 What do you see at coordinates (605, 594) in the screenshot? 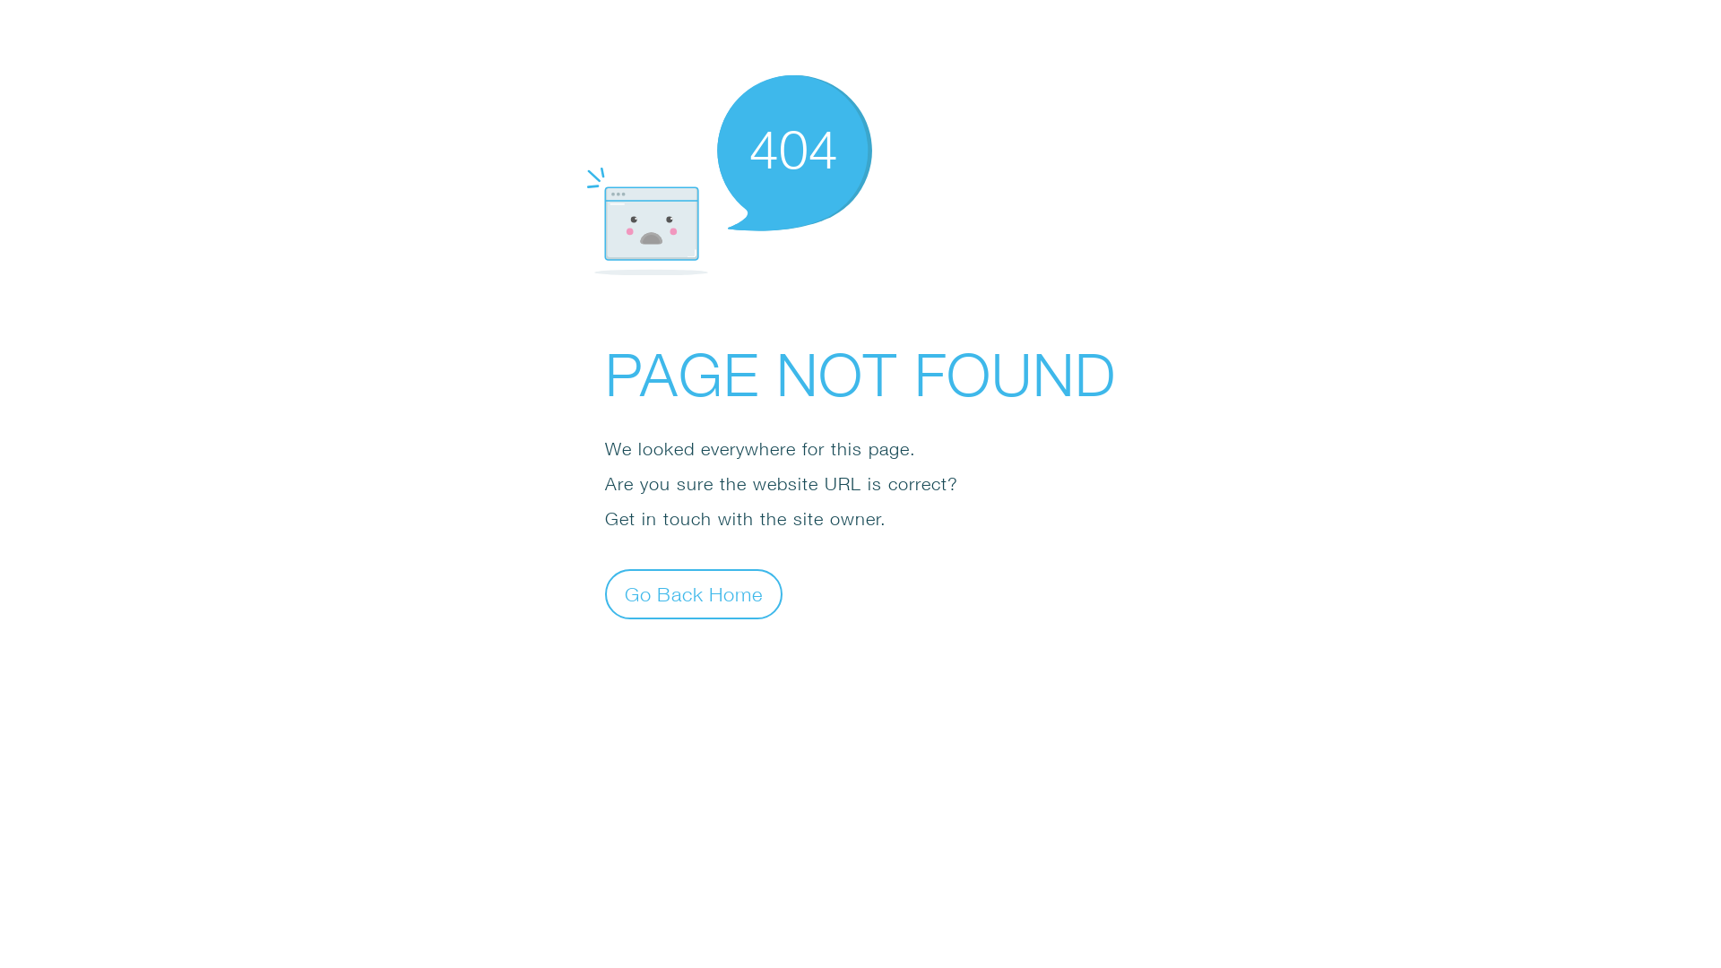
I see `'Go Back Home'` at bounding box center [605, 594].